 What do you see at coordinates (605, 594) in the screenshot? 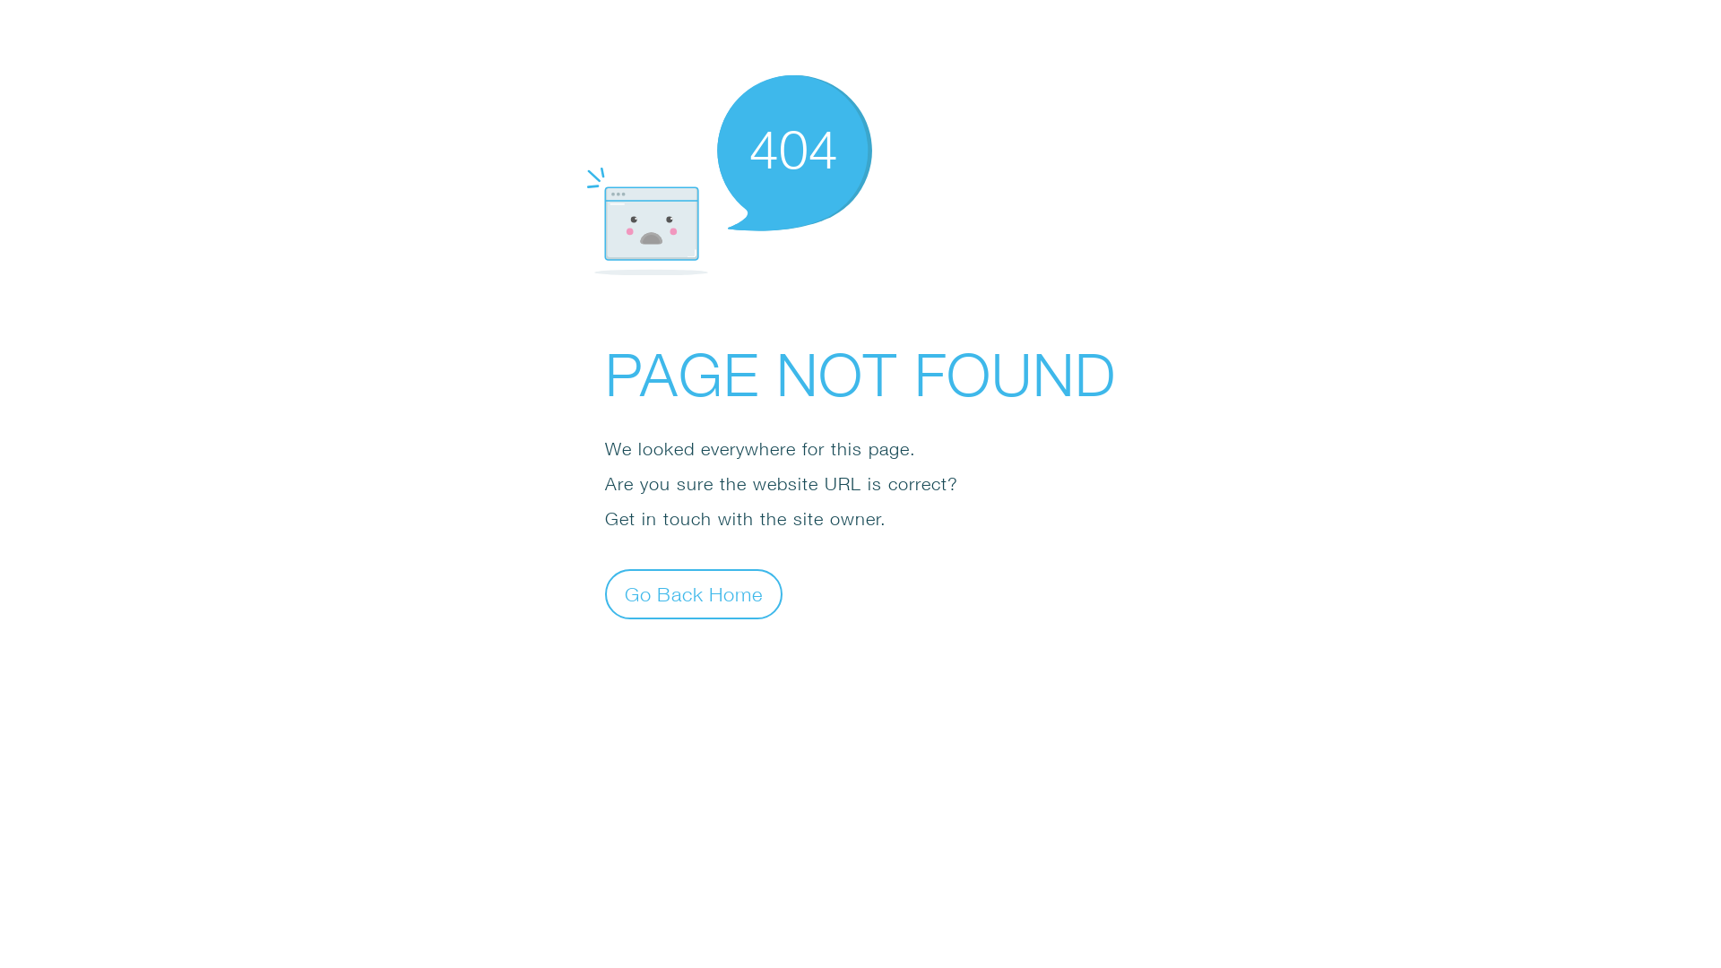
I see `'Go Back Home'` at bounding box center [605, 594].